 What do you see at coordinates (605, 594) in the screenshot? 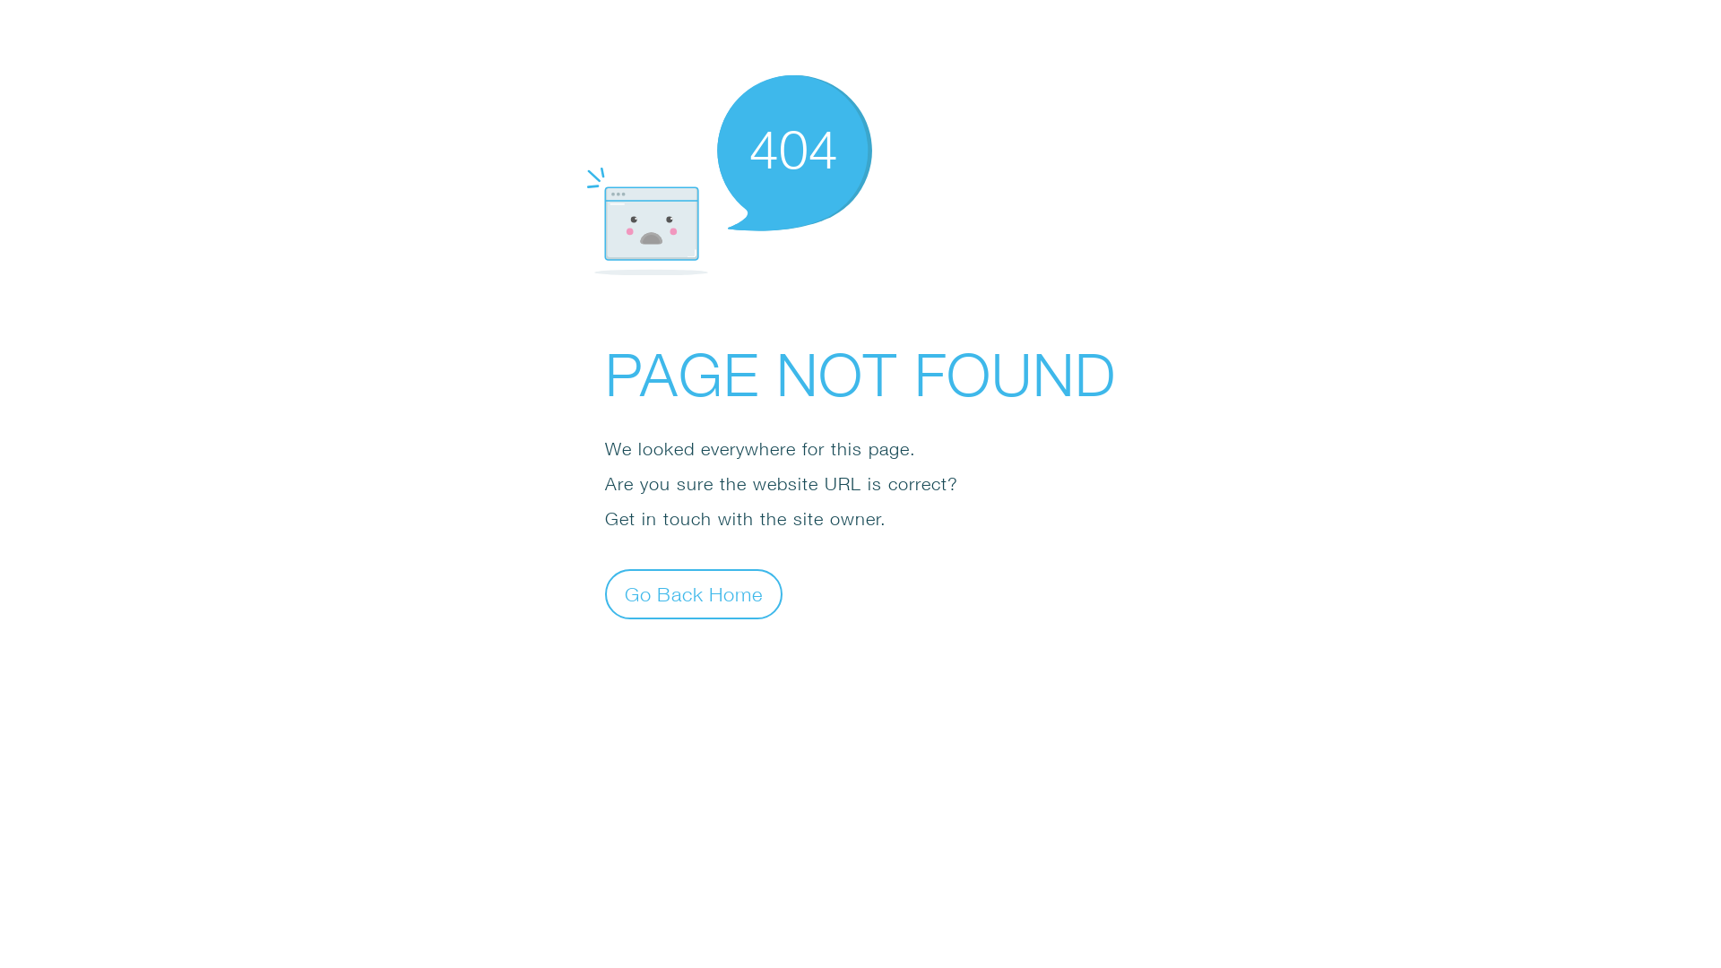
I see `'Go Back Home'` at bounding box center [605, 594].